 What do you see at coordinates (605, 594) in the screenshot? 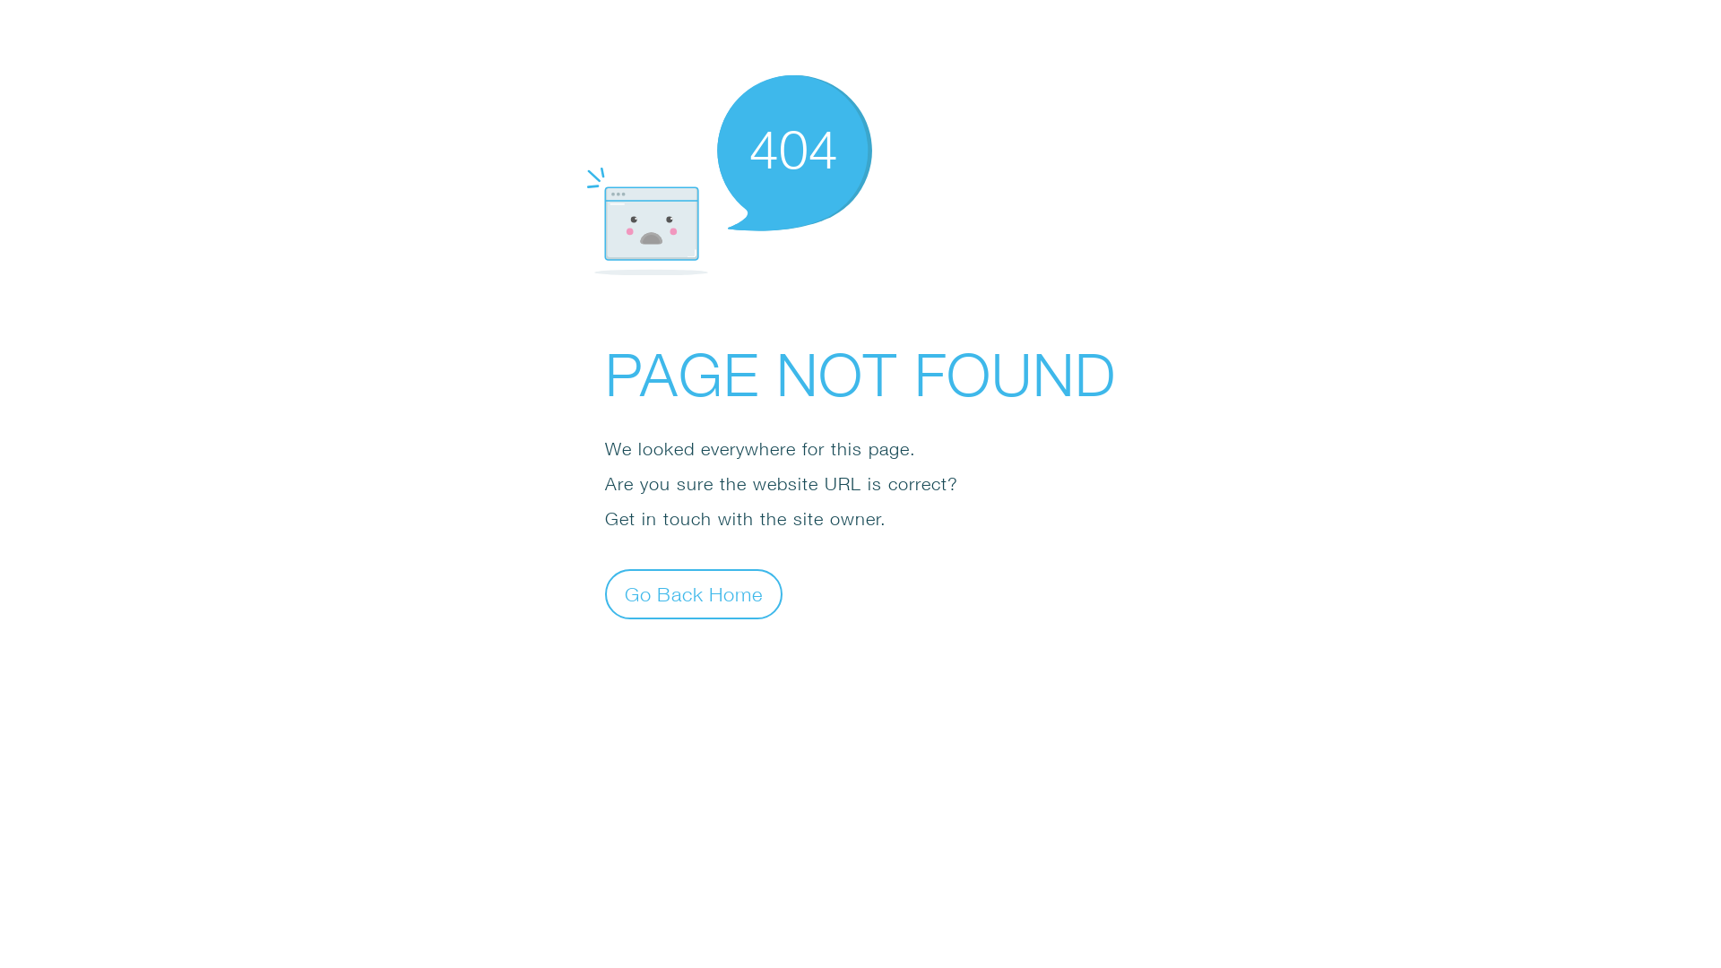
I see `'Go Back Home'` at bounding box center [605, 594].